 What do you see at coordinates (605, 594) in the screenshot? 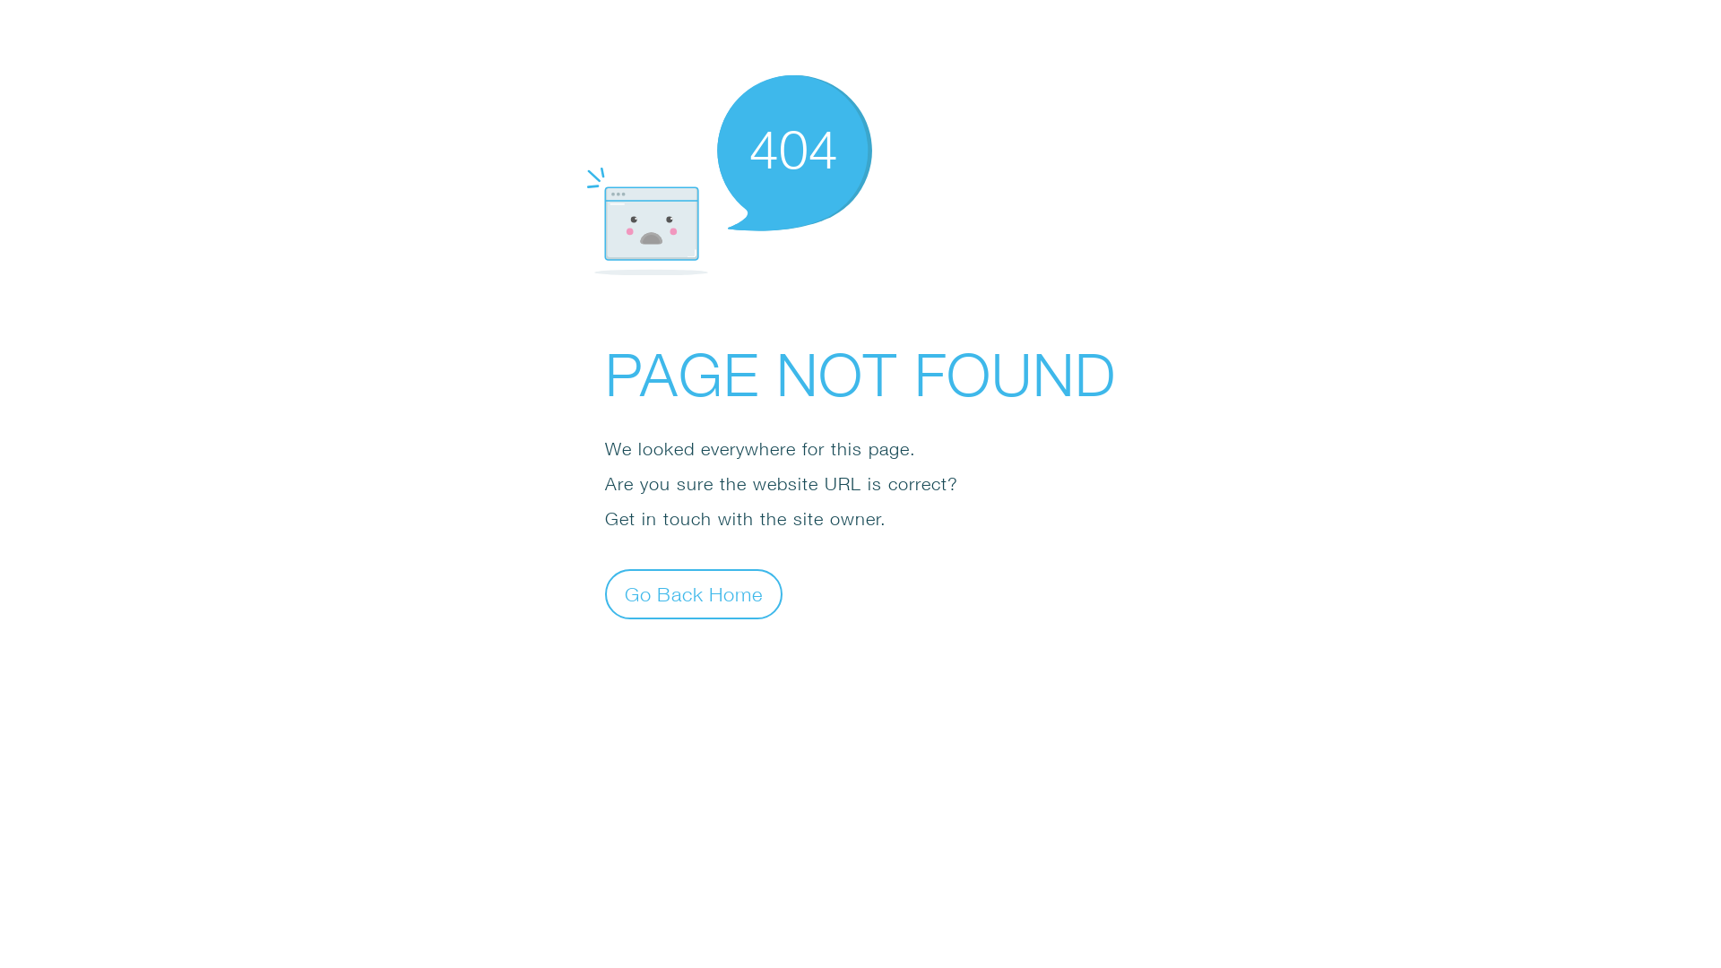
I see `'Go Back Home'` at bounding box center [605, 594].